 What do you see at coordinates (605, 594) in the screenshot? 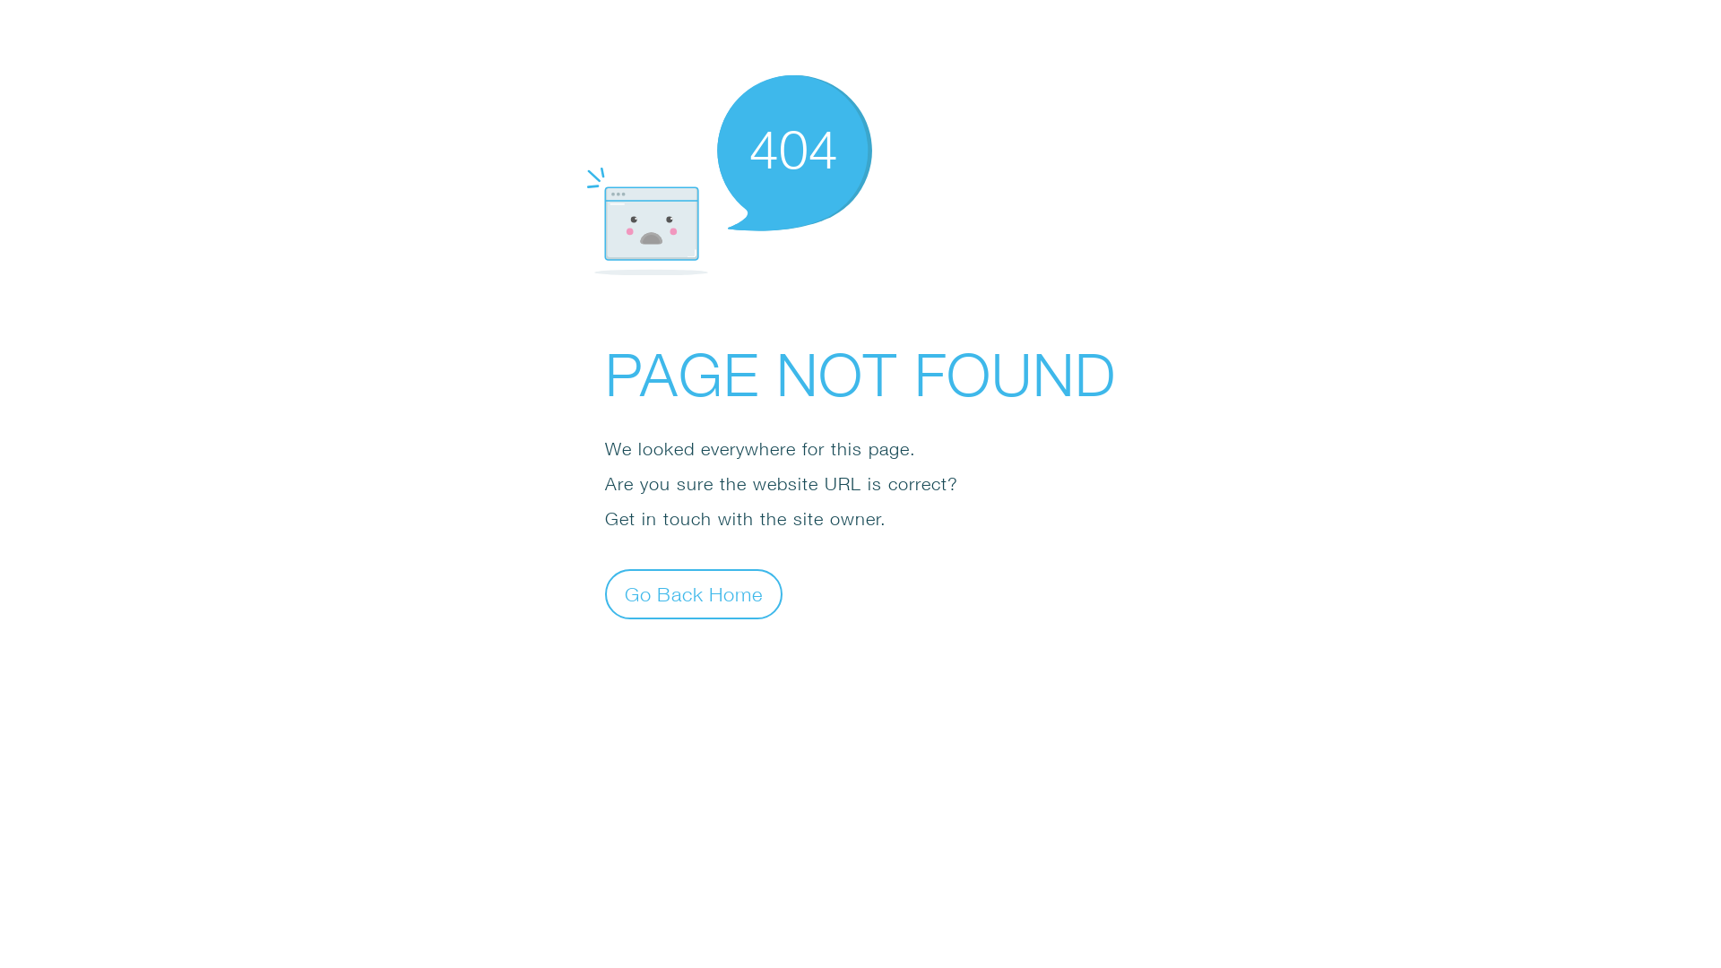
I see `'Go Back Home'` at bounding box center [605, 594].